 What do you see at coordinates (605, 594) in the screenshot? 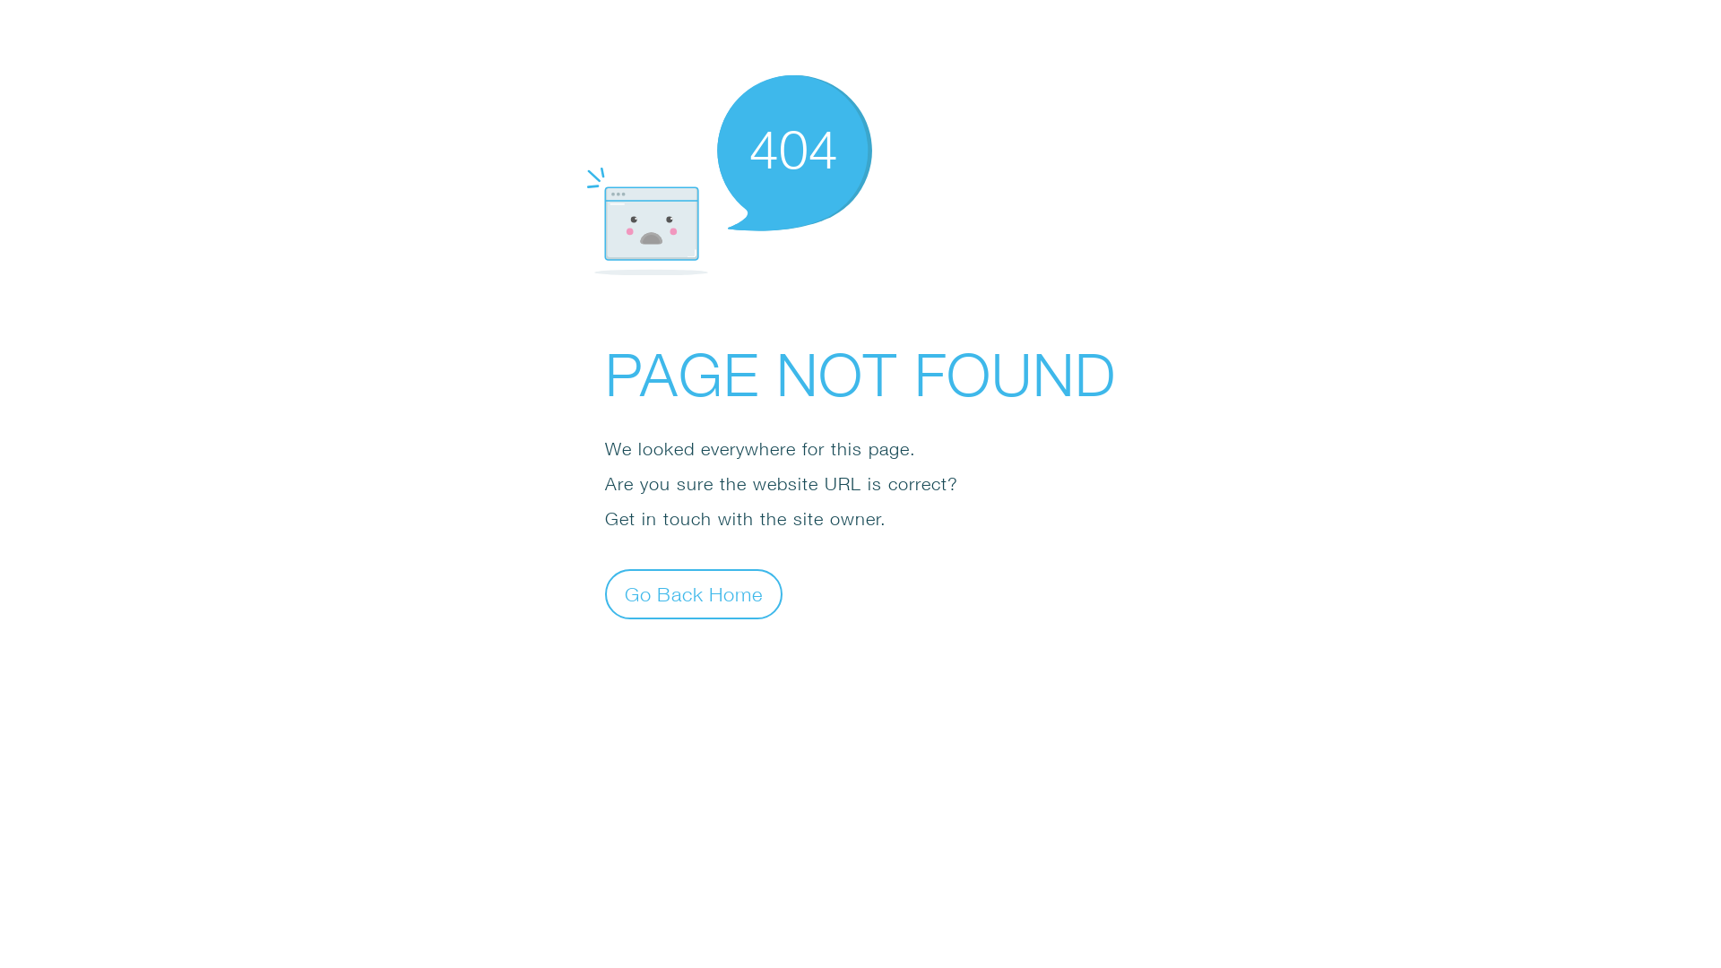
I see `'Go Back Home'` at bounding box center [605, 594].